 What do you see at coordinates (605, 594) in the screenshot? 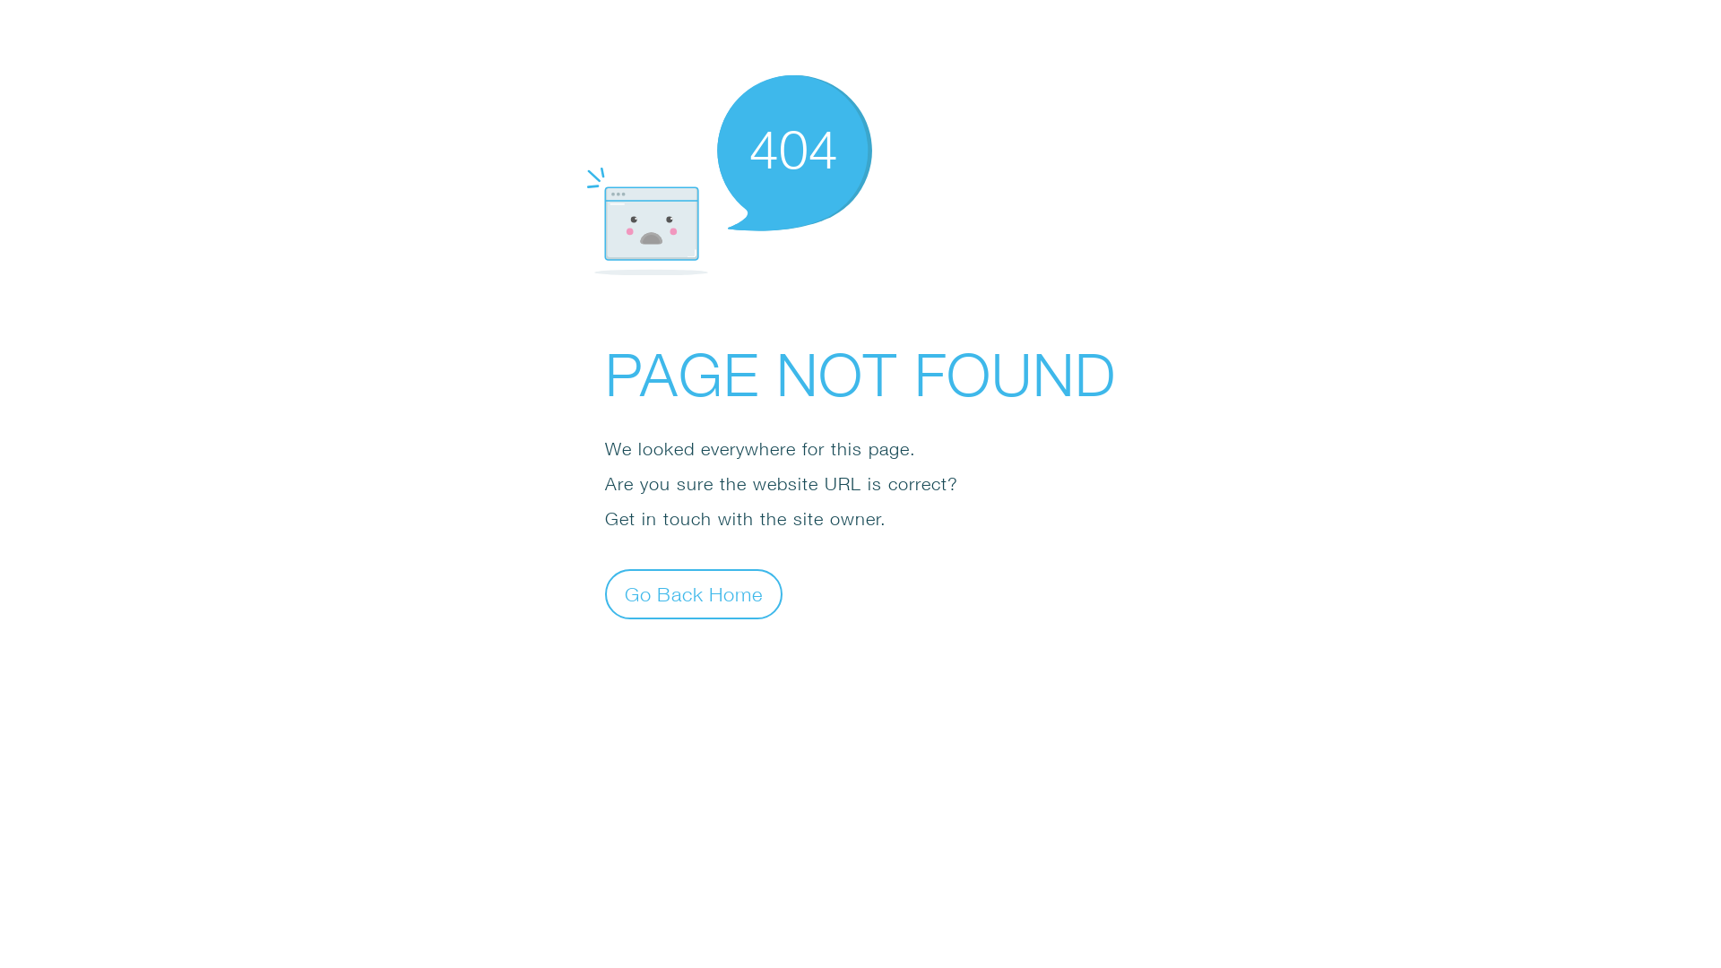
I see `'Go Back Home'` at bounding box center [605, 594].